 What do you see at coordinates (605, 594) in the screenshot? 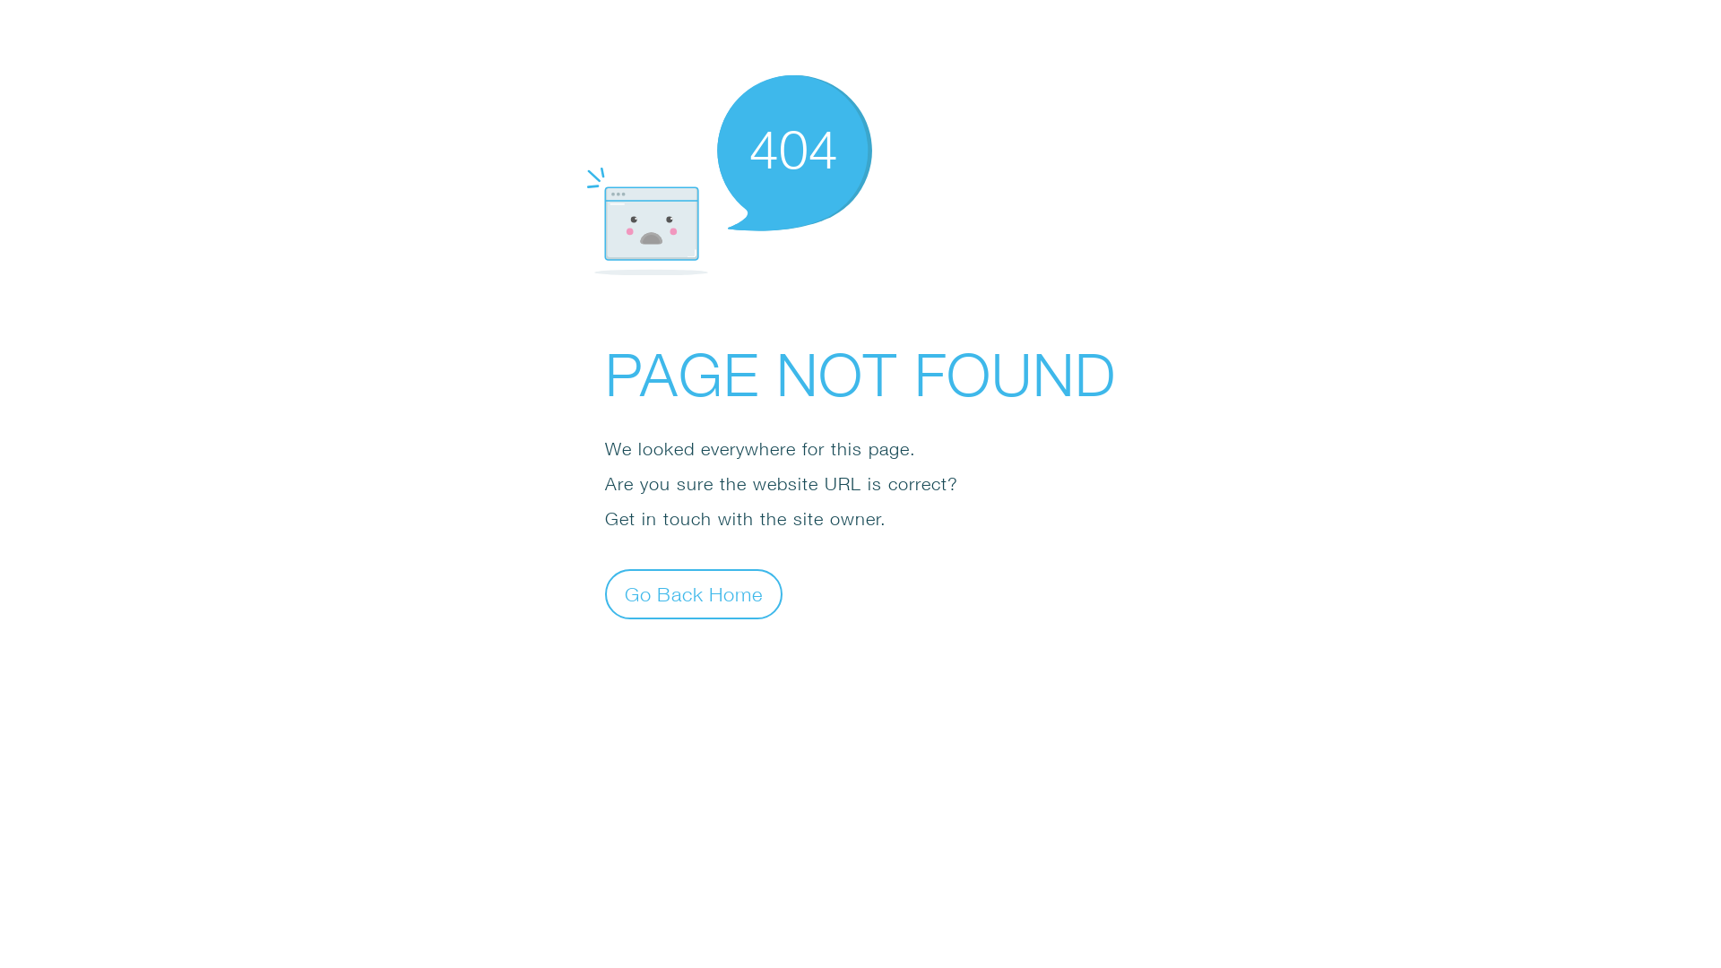
I see `'Go Back Home'` at bounding box center [605, 594].